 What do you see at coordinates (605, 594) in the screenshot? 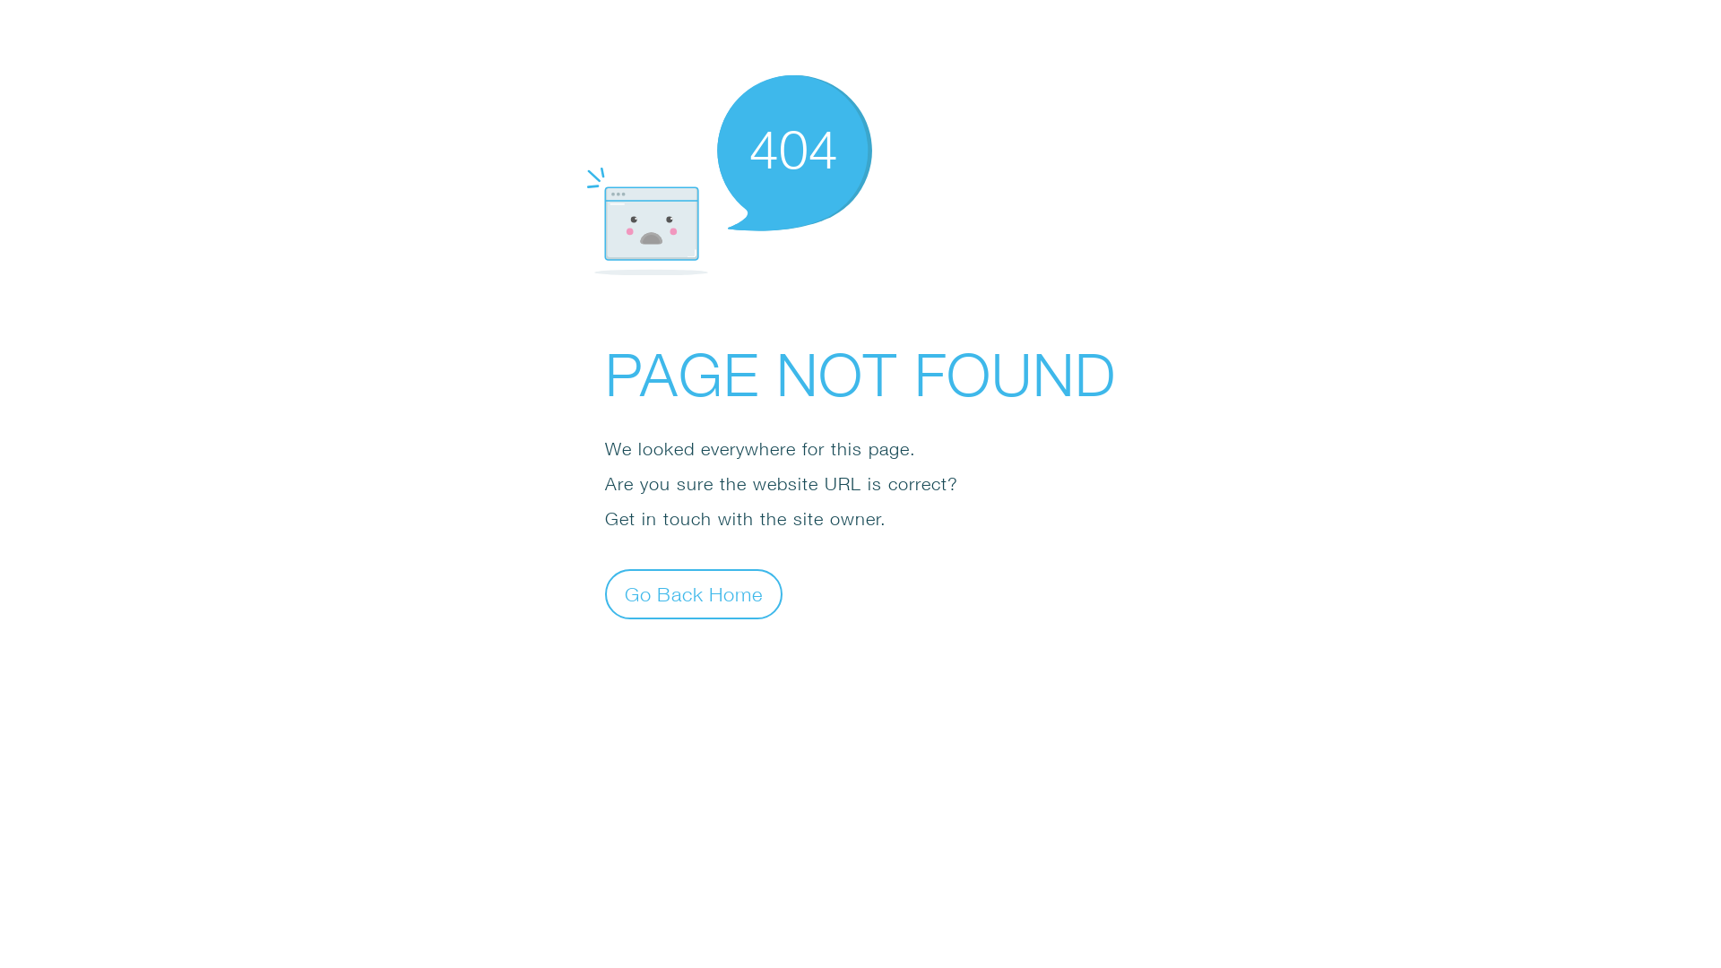
I see `'Go Back Home'` at bounding box center [605, 594].